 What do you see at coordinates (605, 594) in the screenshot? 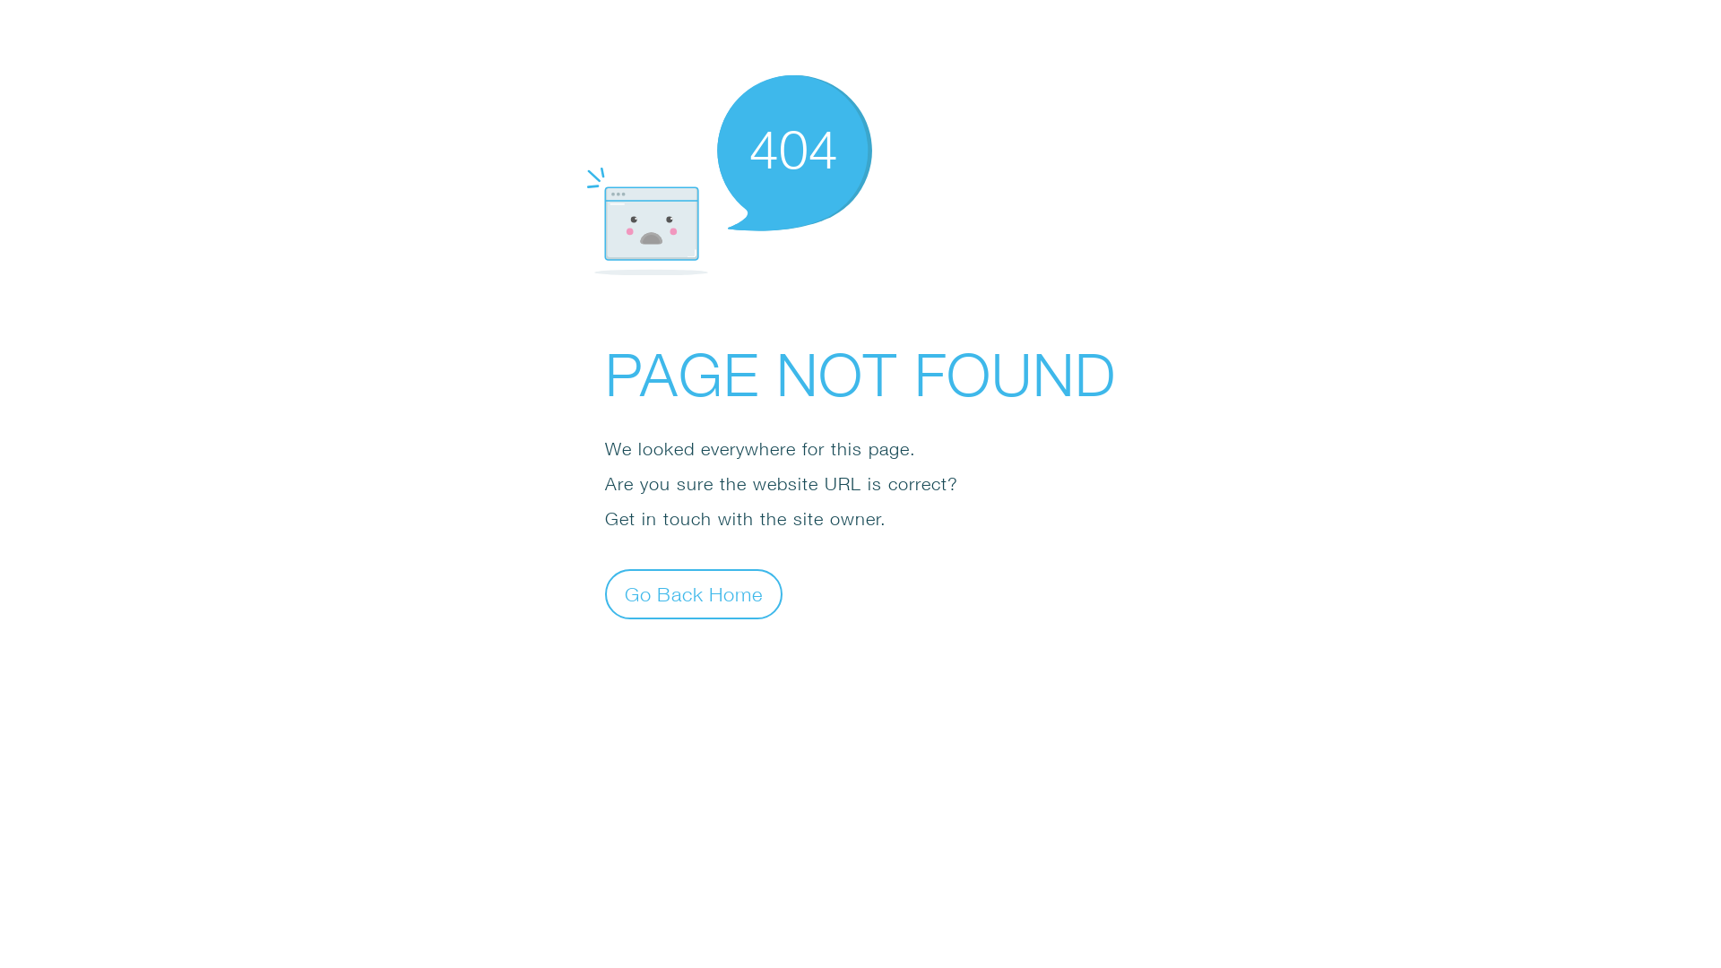
I see `'Go Back Home'` at bounding box center [605, 594].